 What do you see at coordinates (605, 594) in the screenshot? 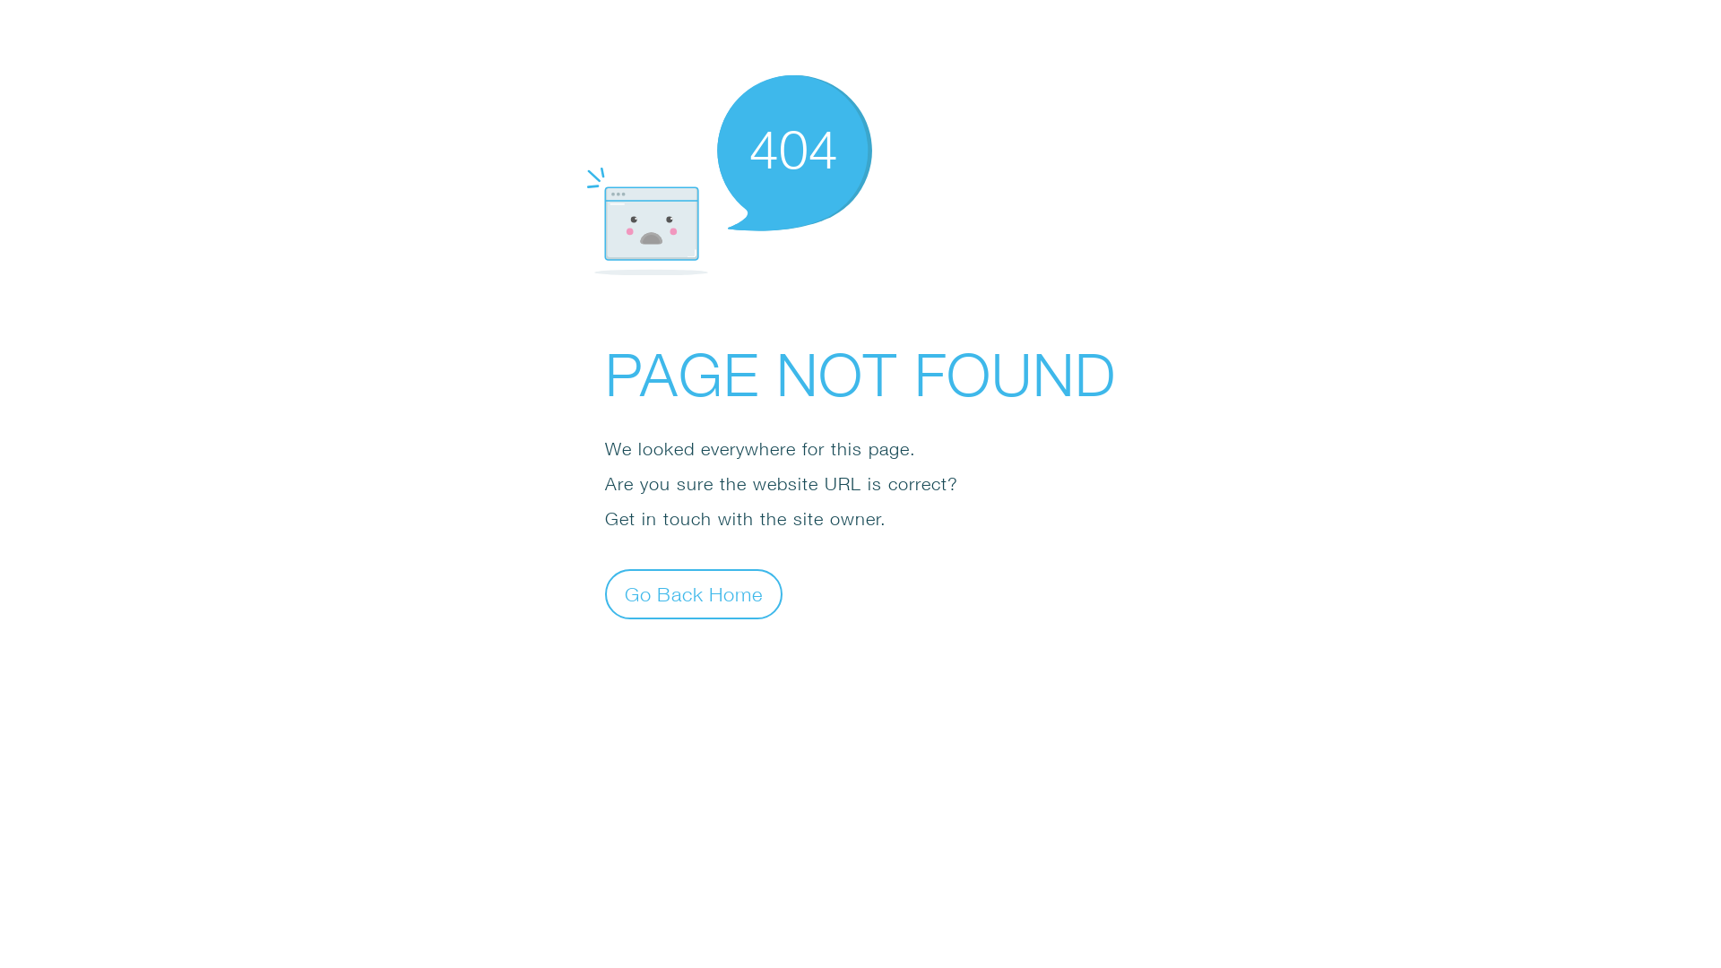
I see `'Go Back Home'` at bounding box center [605, 594].